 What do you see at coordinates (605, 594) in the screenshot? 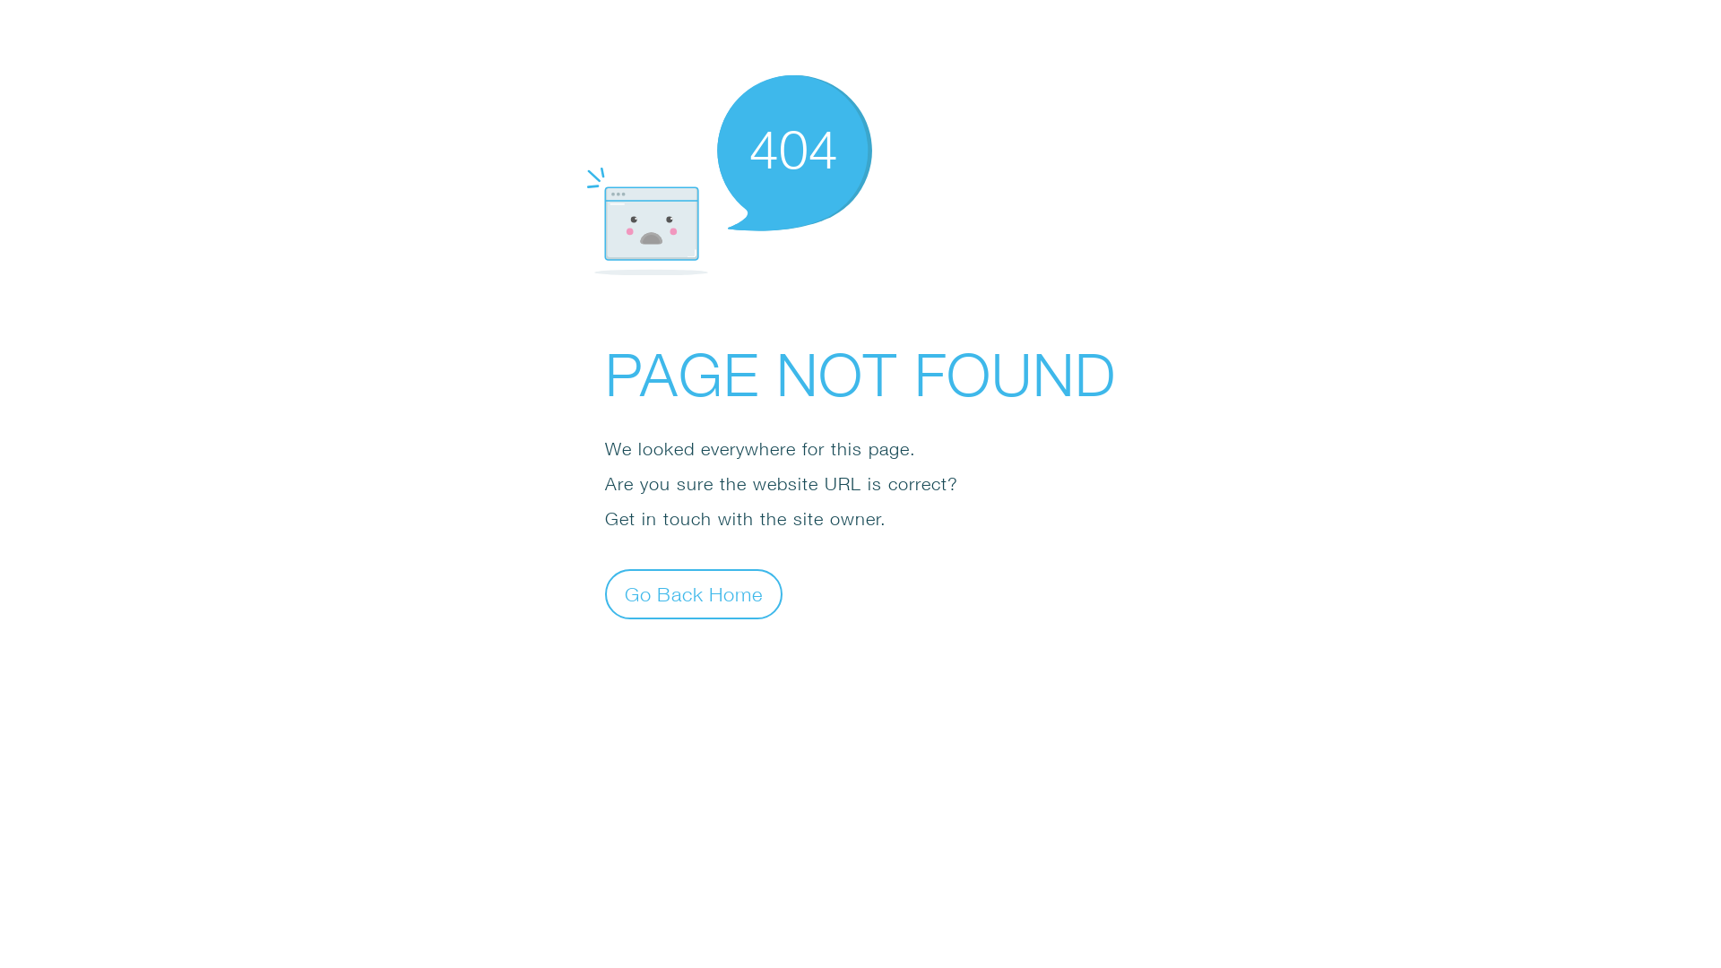
I see `'Go Back Home'` at bounding box center [605, 594].